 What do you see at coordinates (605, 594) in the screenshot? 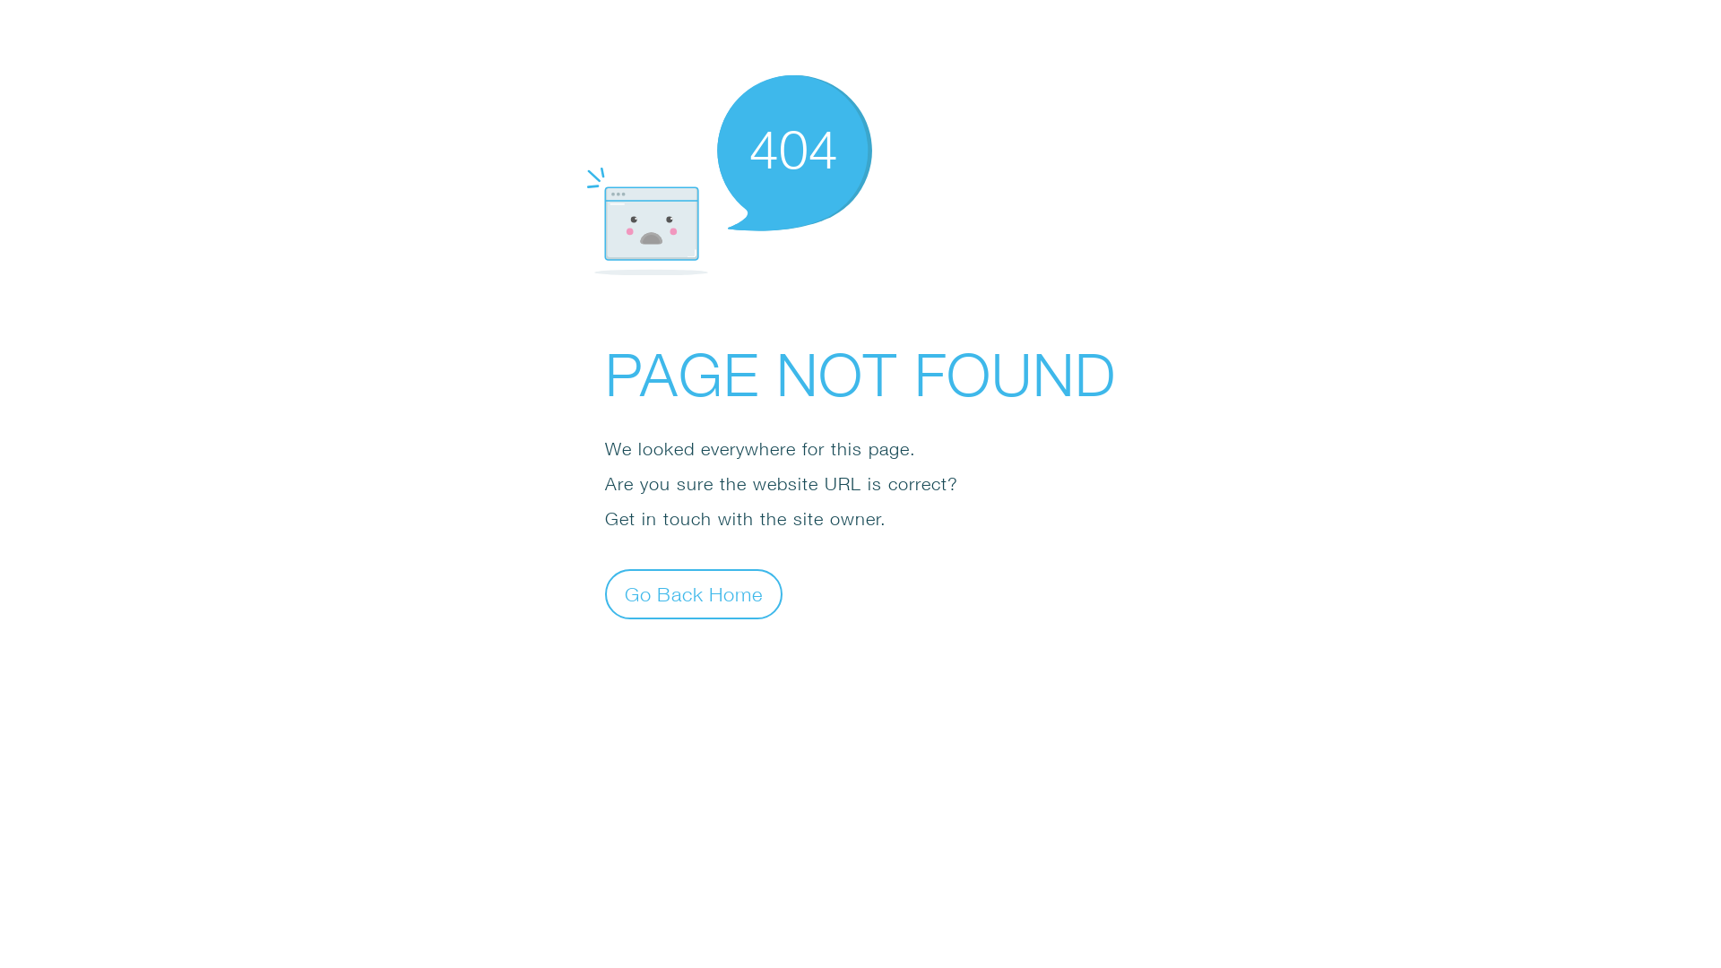
I see `'Go Back Home'` at bounding box center [605, 594].